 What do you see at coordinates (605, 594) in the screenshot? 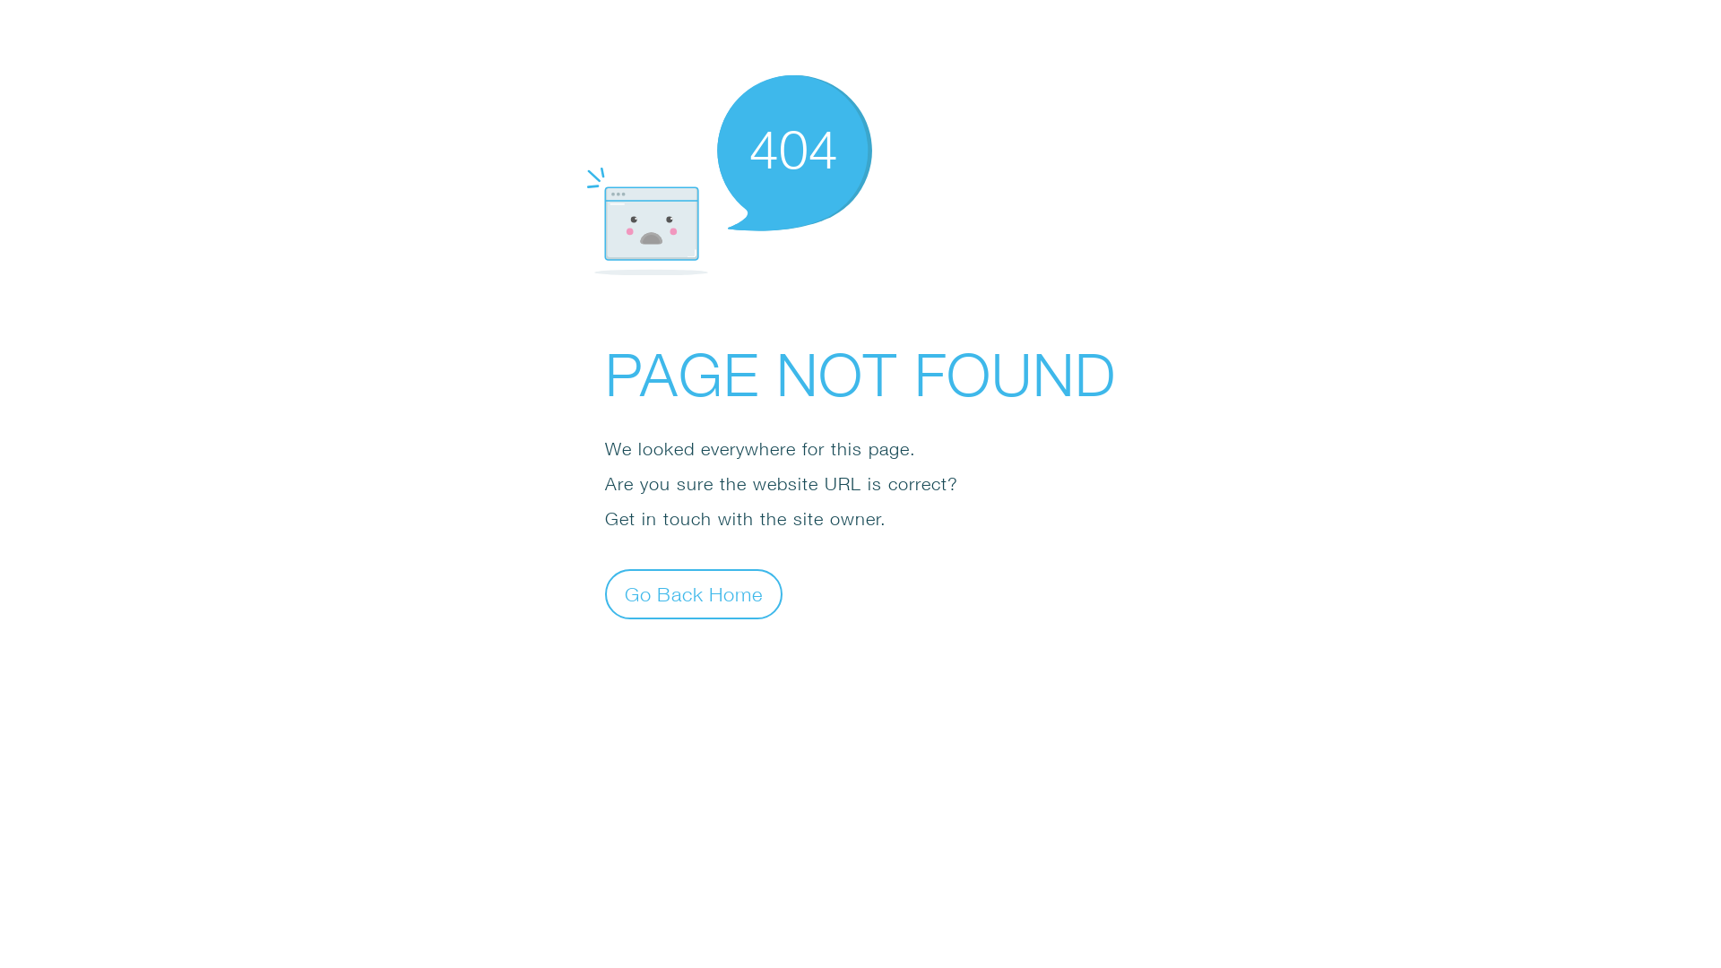
I see `'Go Back Home'` at bounding box center [605, 594].